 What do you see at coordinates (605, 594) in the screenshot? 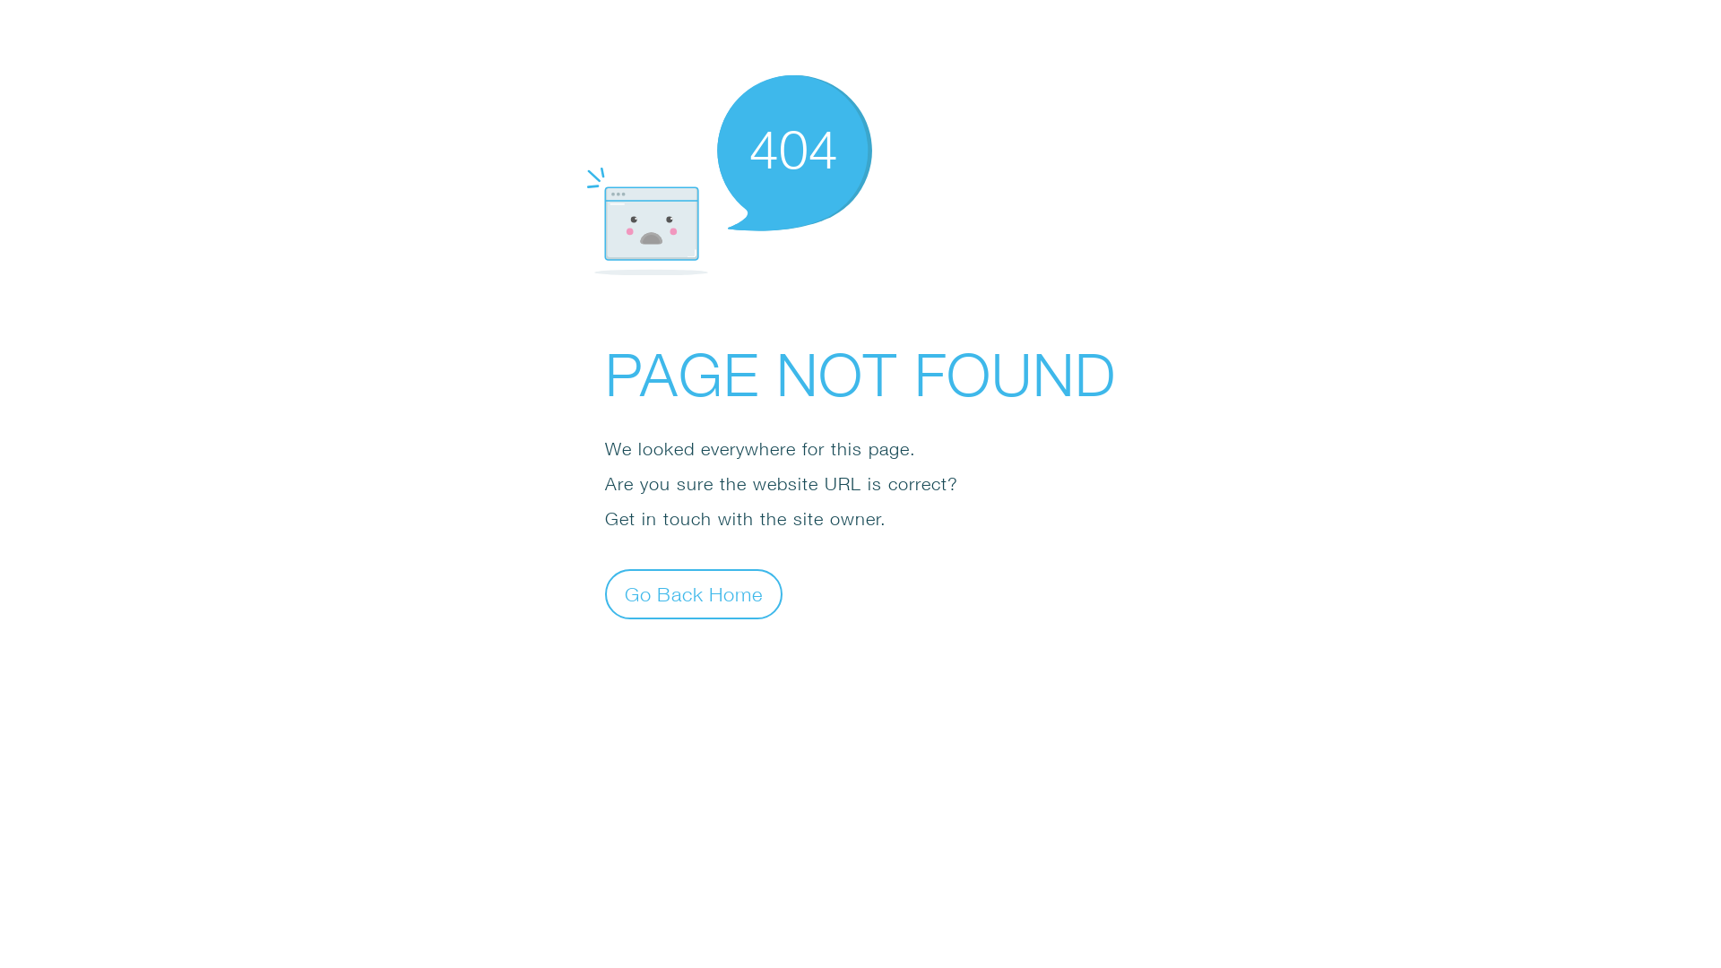
I see `'Go Back Home'` at bounding box center [605, 594].